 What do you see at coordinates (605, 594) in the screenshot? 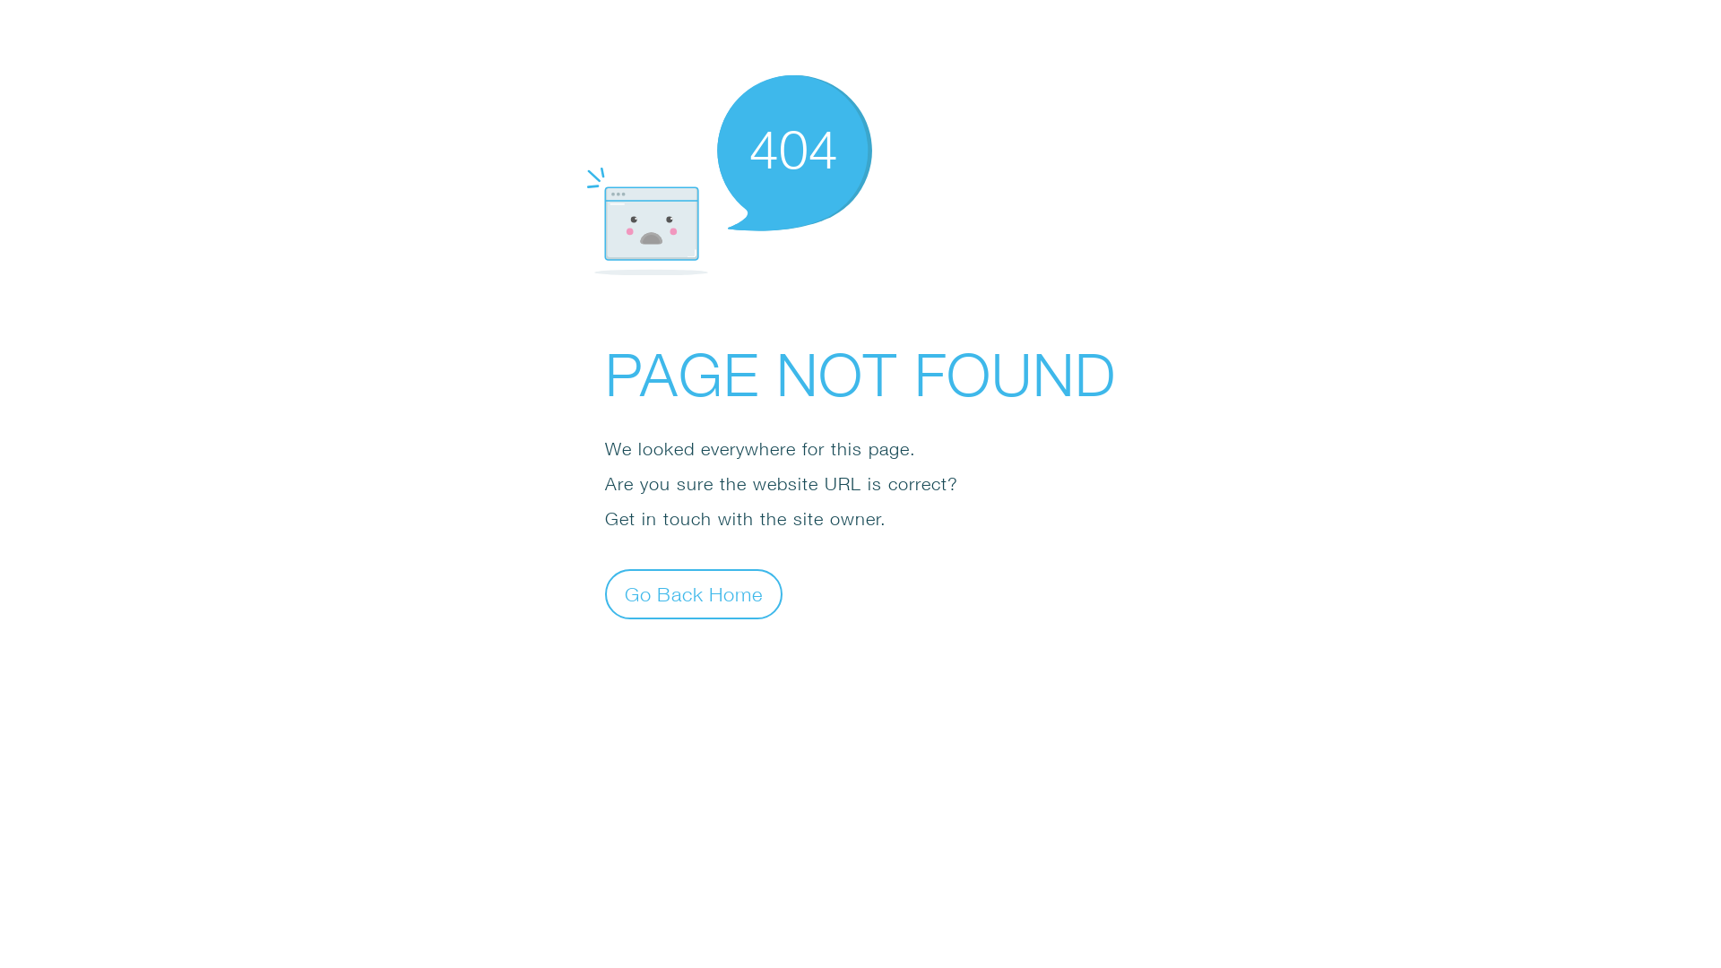
I see `'Go Back Home'` at bounding box center [605, 594].